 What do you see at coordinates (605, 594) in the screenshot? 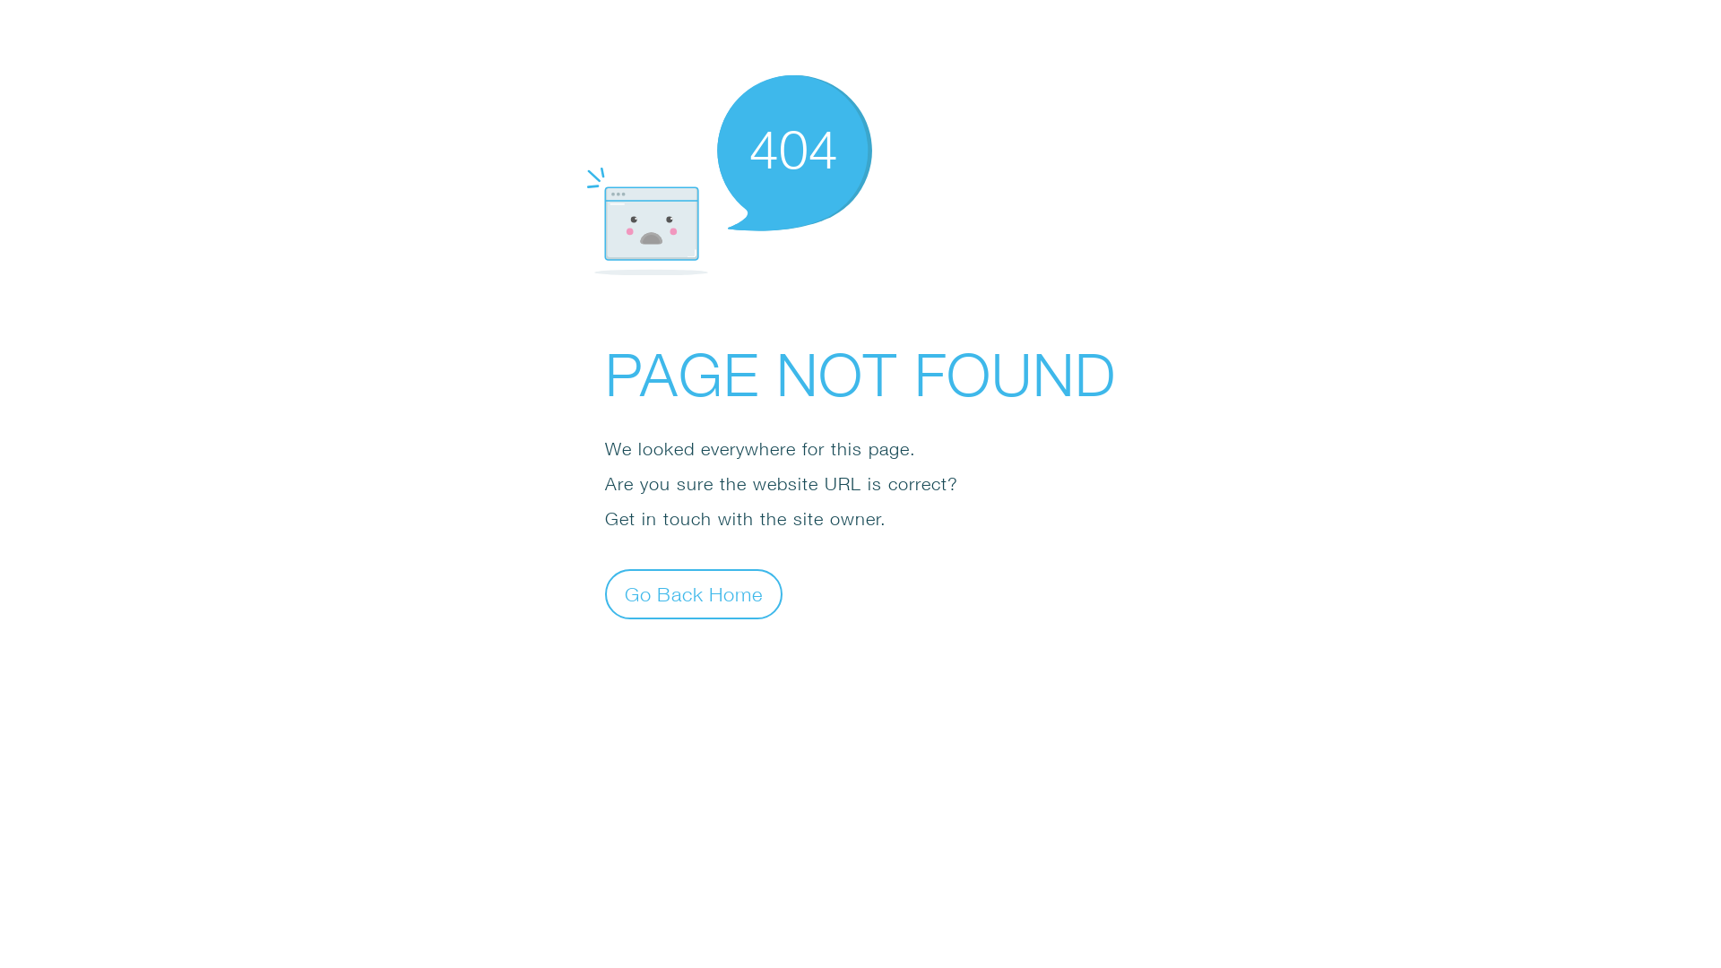
I see `'Go Back Home'` at bounding box center [605, 594].